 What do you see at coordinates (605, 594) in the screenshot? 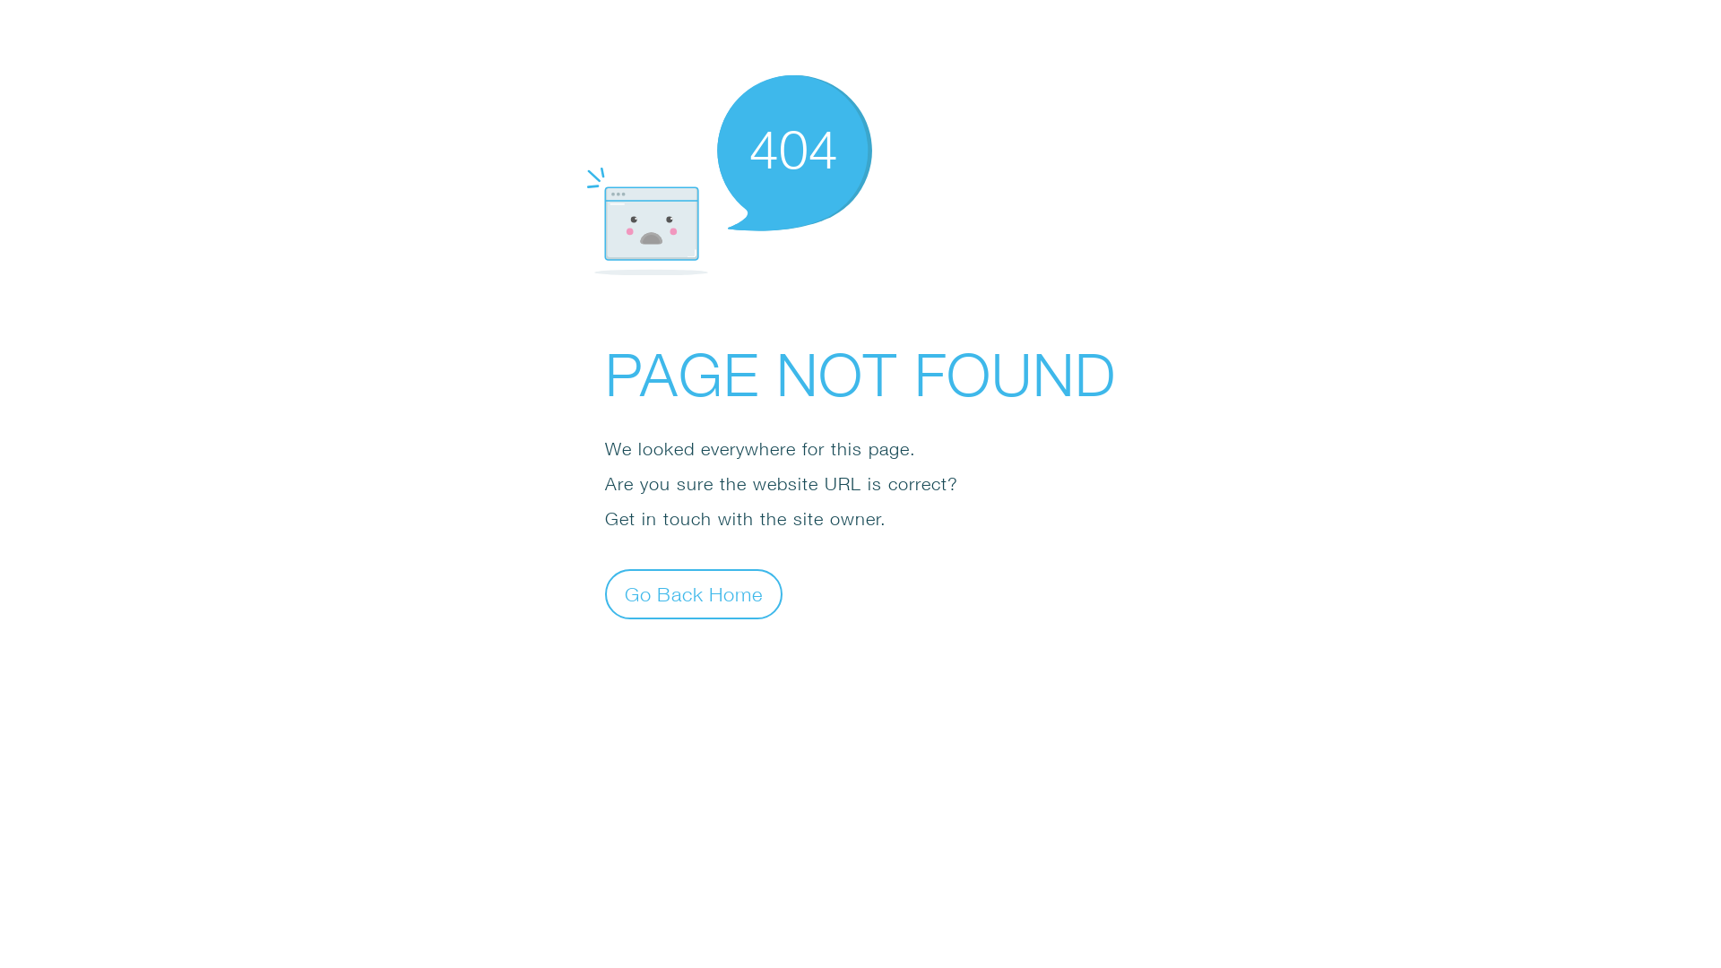
I see `'Go Back Home'` at bounding box center [605, 594].